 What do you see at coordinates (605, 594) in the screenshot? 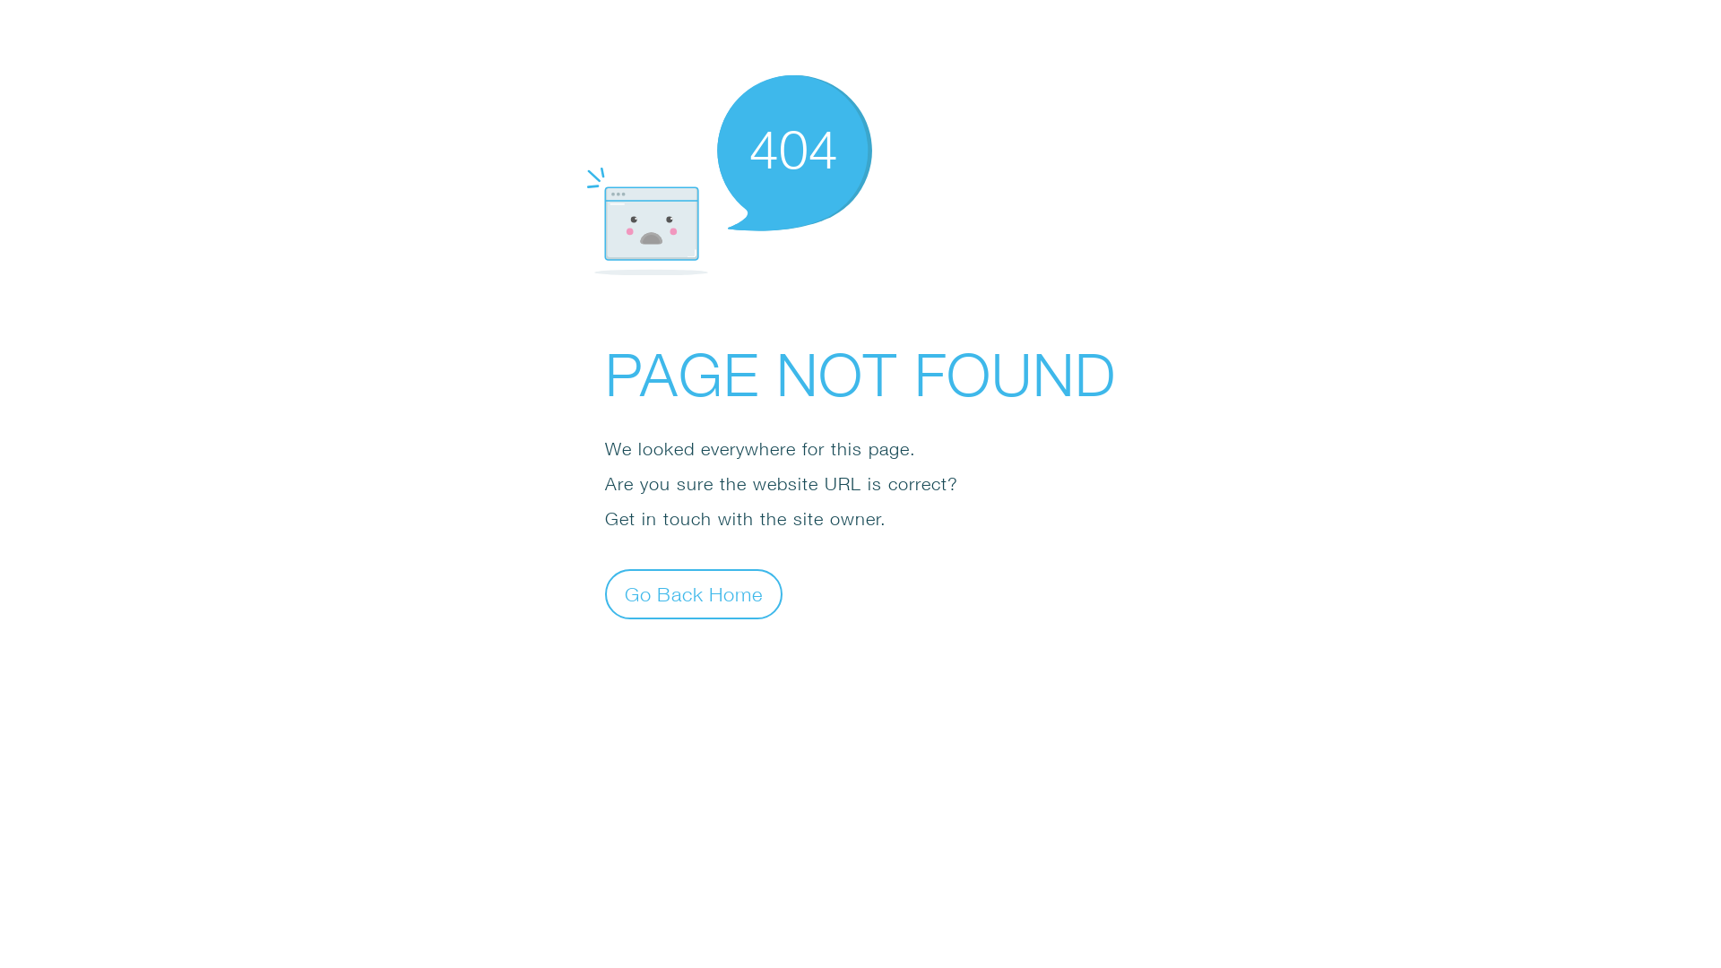
I see `'Go Back Home'` at bounding box center [605, 594].